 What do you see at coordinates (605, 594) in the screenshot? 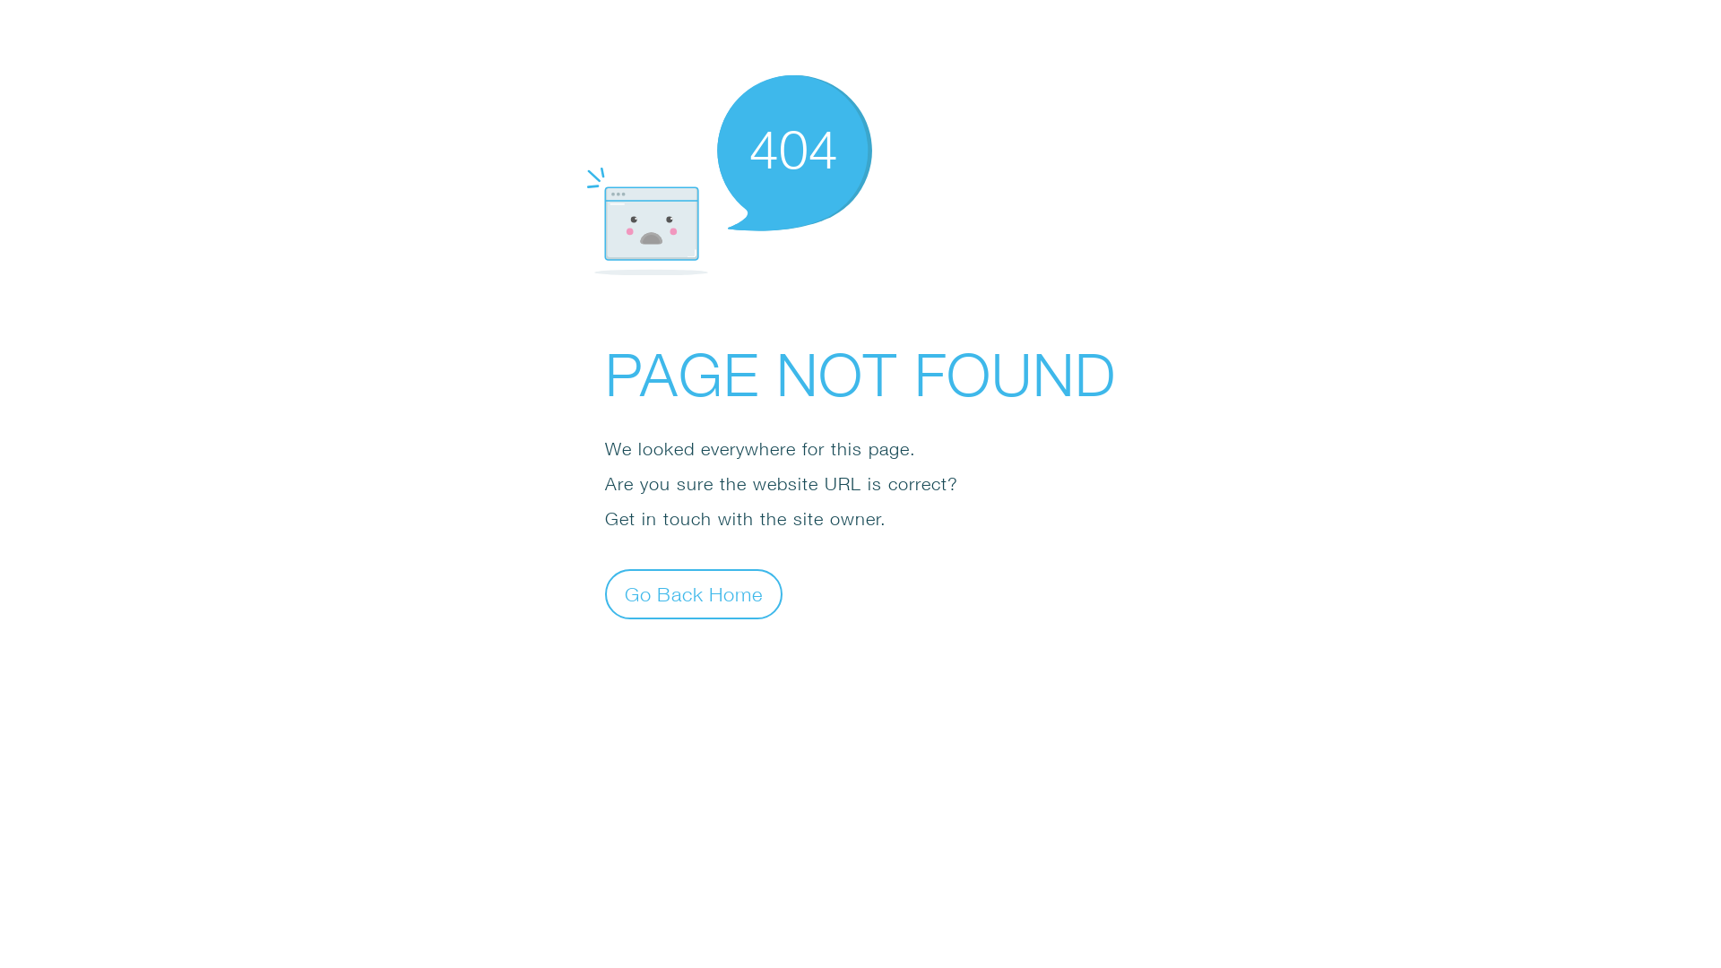
I see `'Go Back Home'` at bounding box center [605, 594].